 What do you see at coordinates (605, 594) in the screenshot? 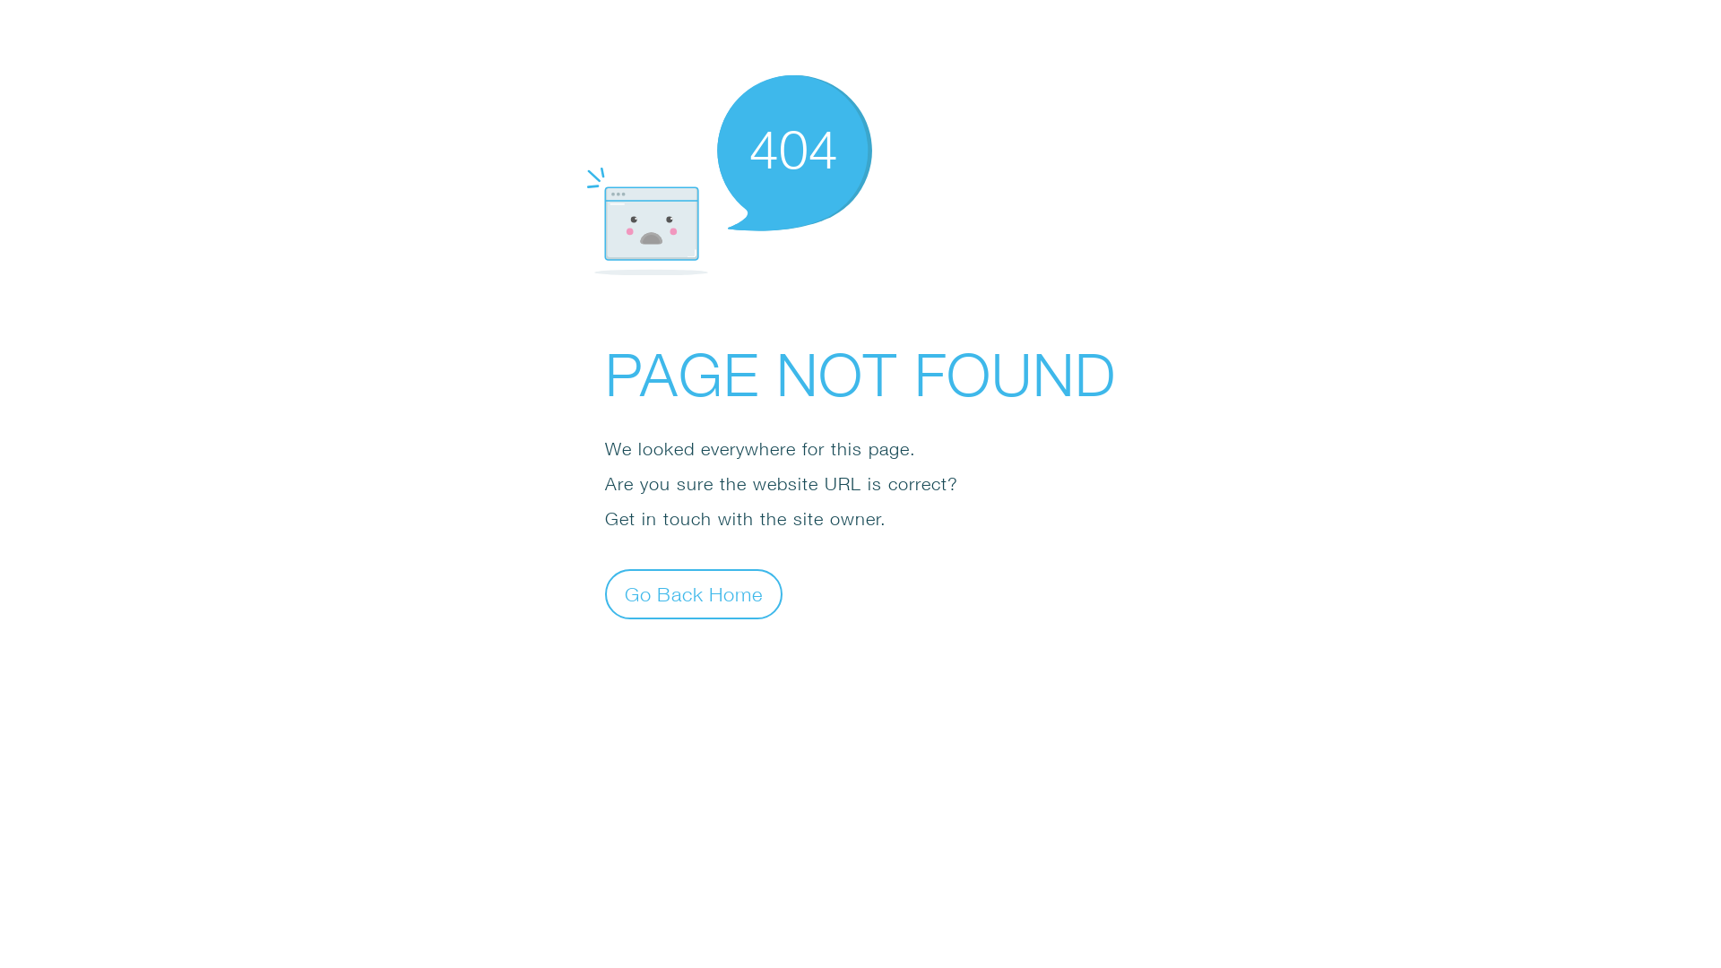
I see `'Go Back Home'` at bounding box center [605, 594].